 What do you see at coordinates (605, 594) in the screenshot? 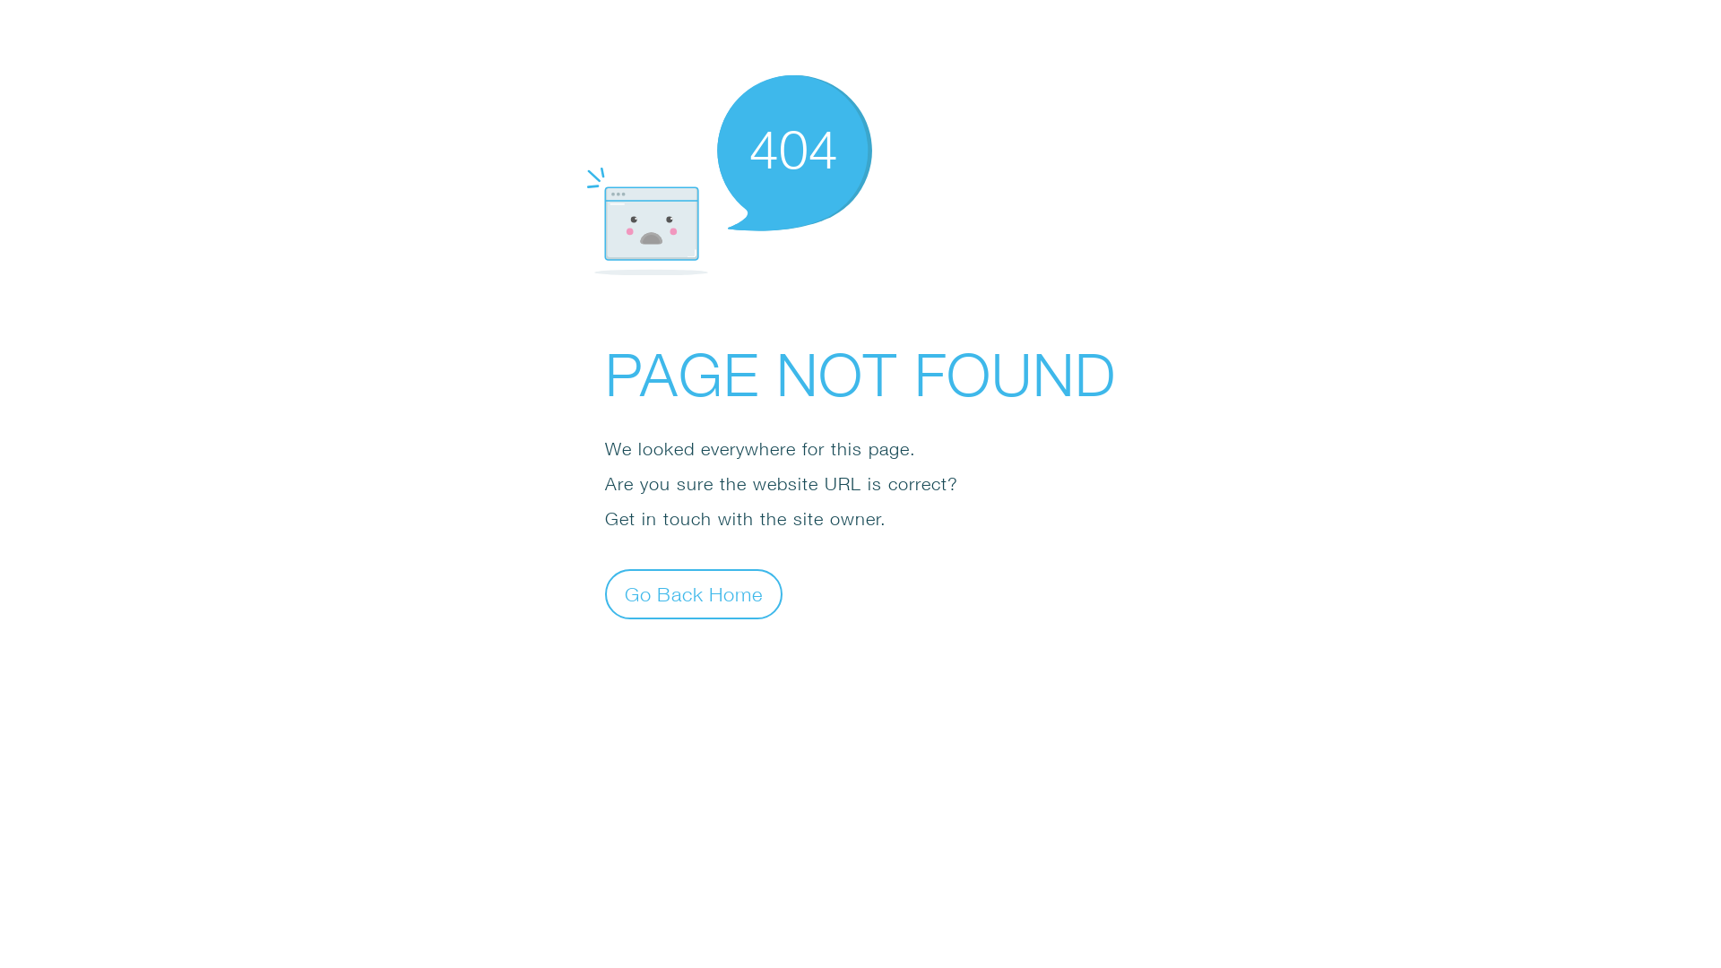
I see `'Go Back Home'` at bounding box center [605, 594].